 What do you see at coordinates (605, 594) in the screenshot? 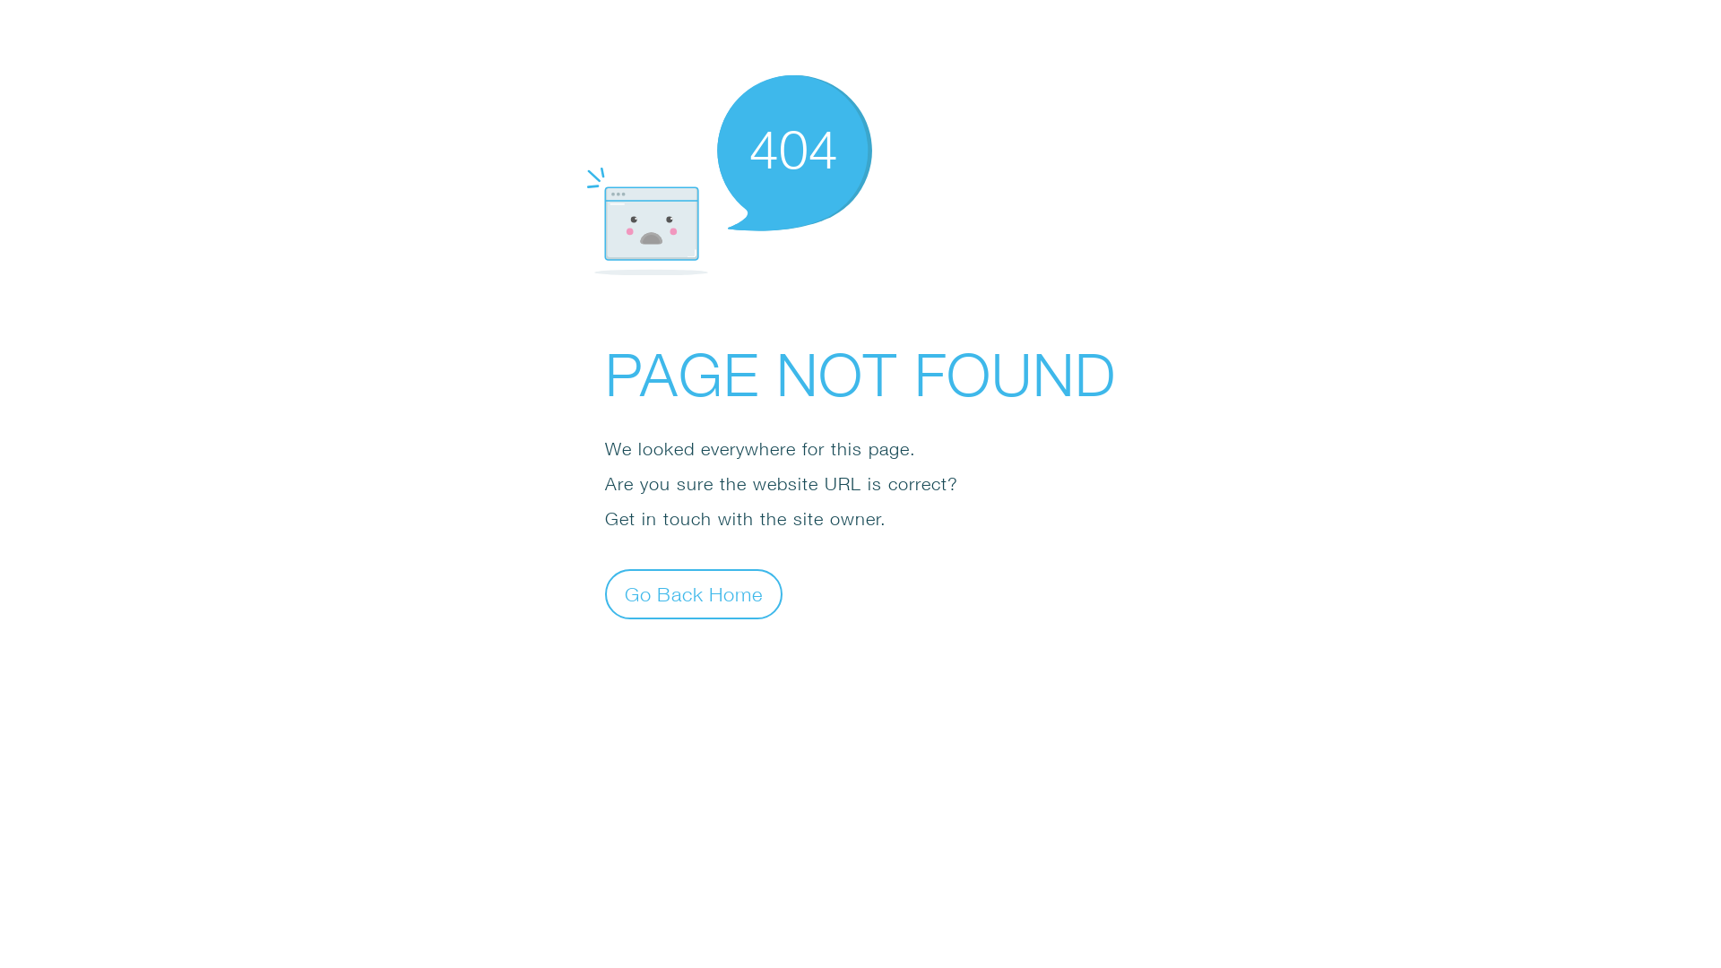
I see `'Go Back Home'` at bounding box center [605, 594].